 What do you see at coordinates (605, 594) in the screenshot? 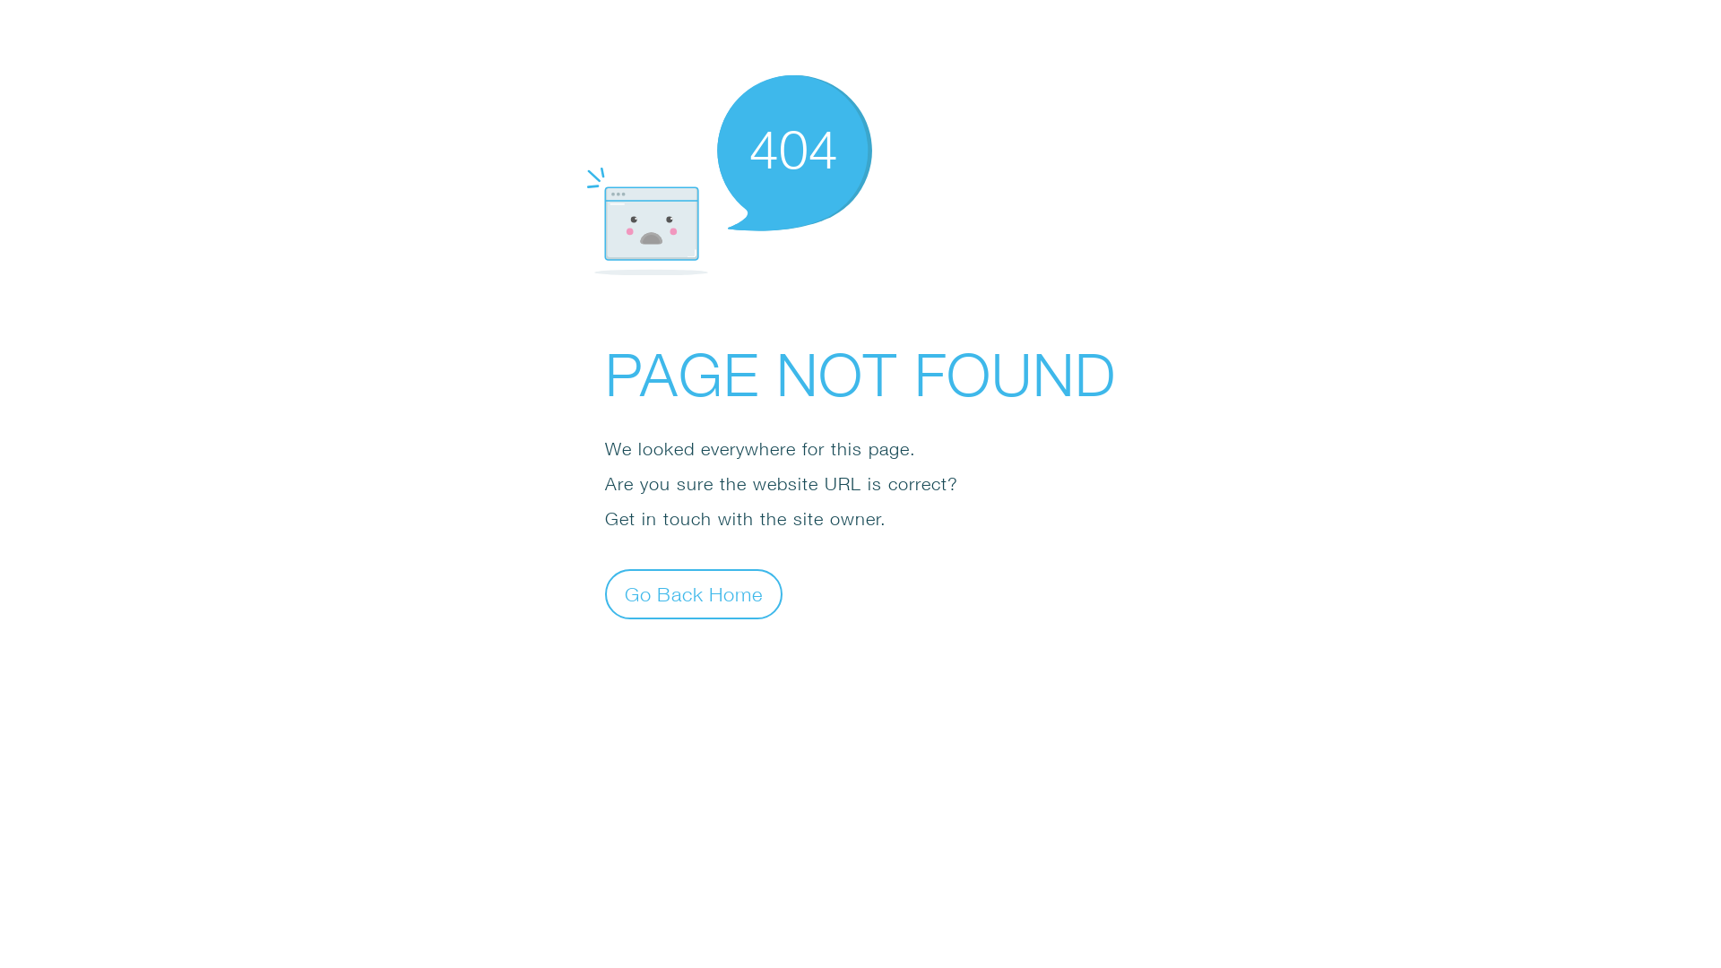
I see `'Go Back Home'` at bounding box center [605, 594].